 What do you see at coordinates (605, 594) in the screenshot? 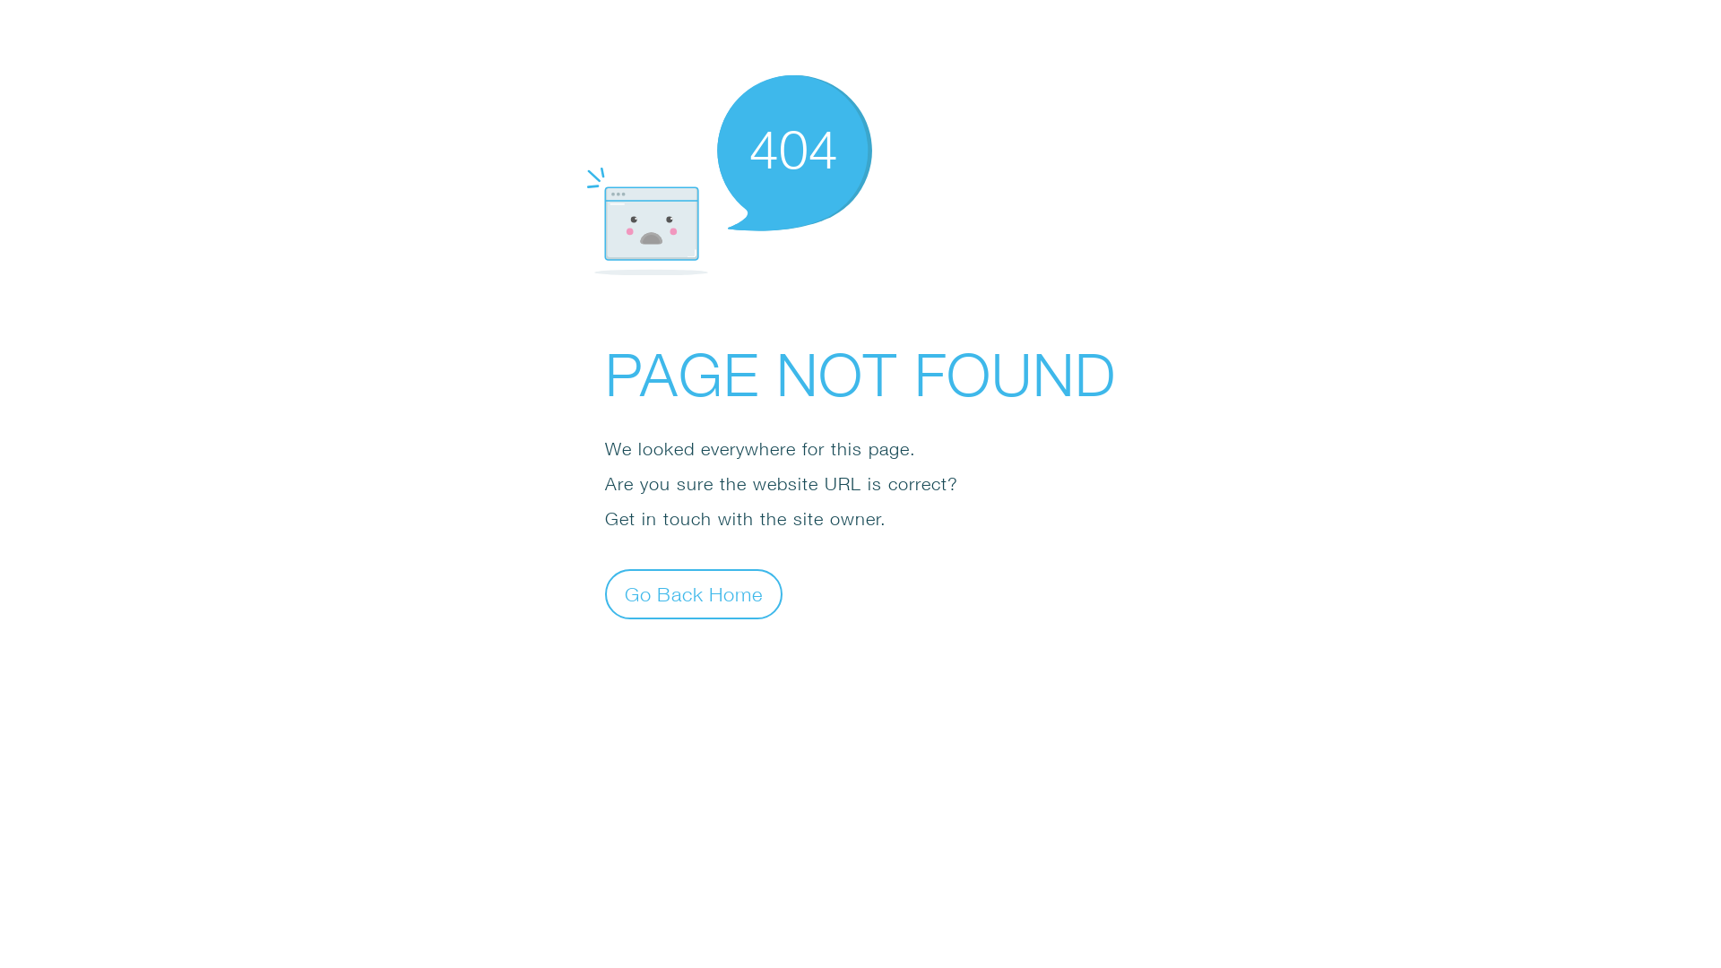
I see `'Go Back Home'` at bounding box center [605, 594].